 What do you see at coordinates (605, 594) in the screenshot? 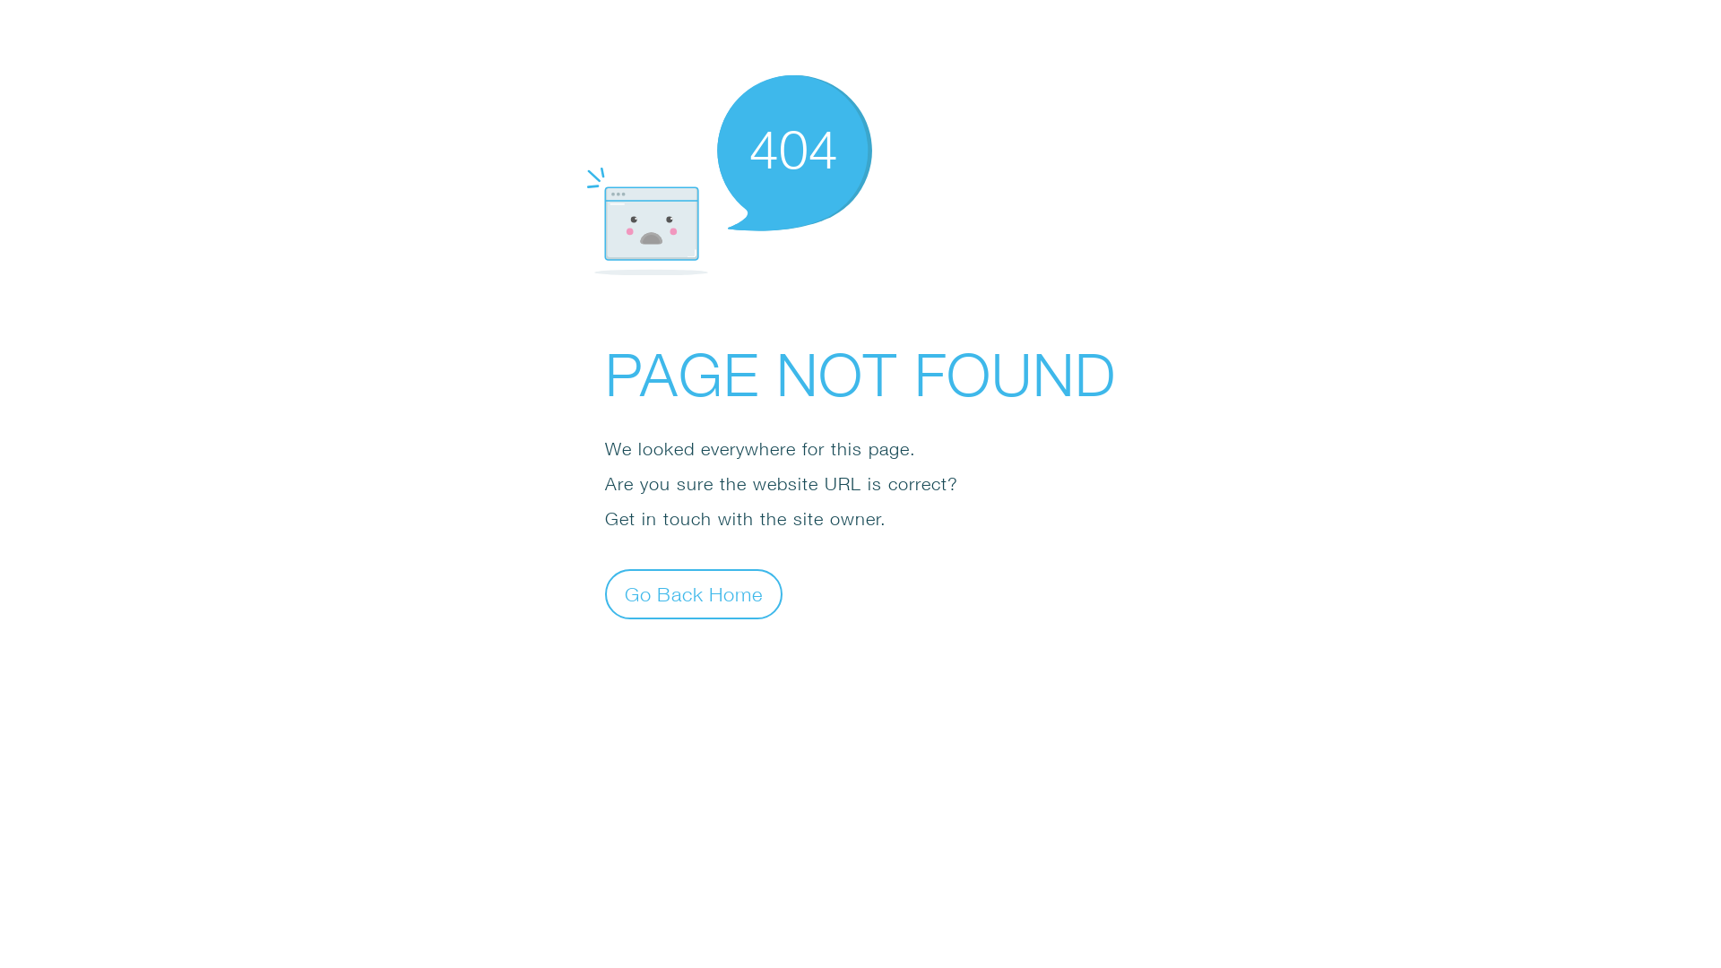
I see `'Go Back Home'` at bounding box center [605, 594].